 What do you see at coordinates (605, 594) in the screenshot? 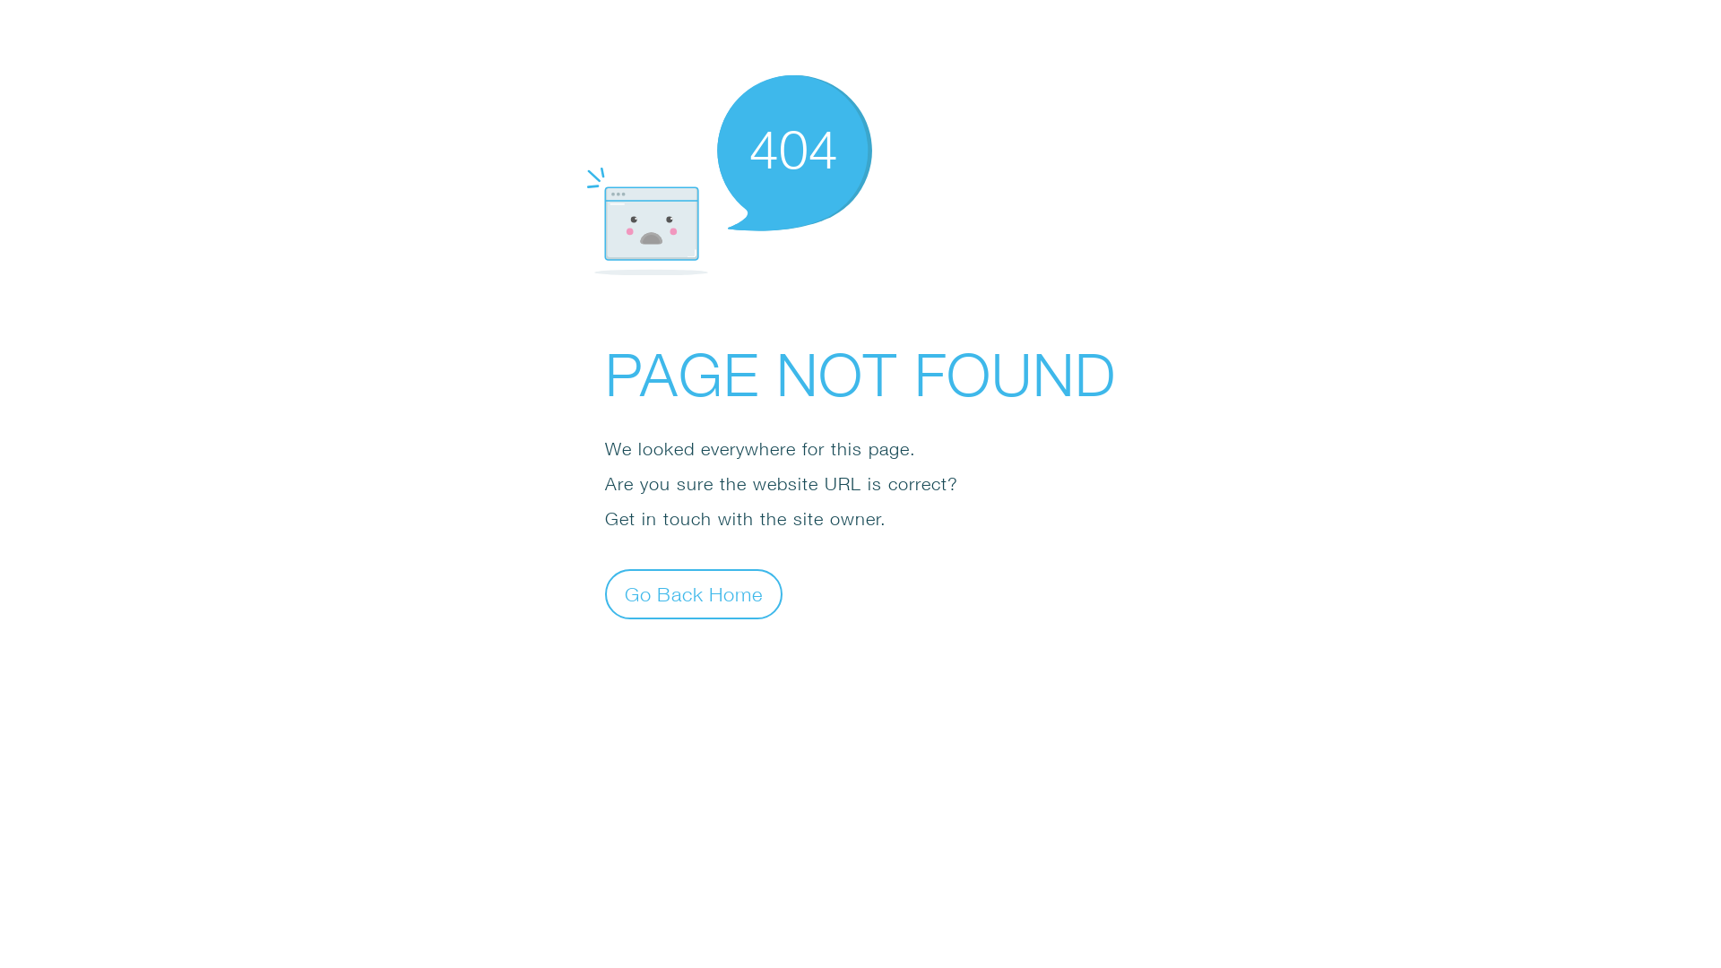
I see `'Go Back Home'` at bounding box center [605, 594].